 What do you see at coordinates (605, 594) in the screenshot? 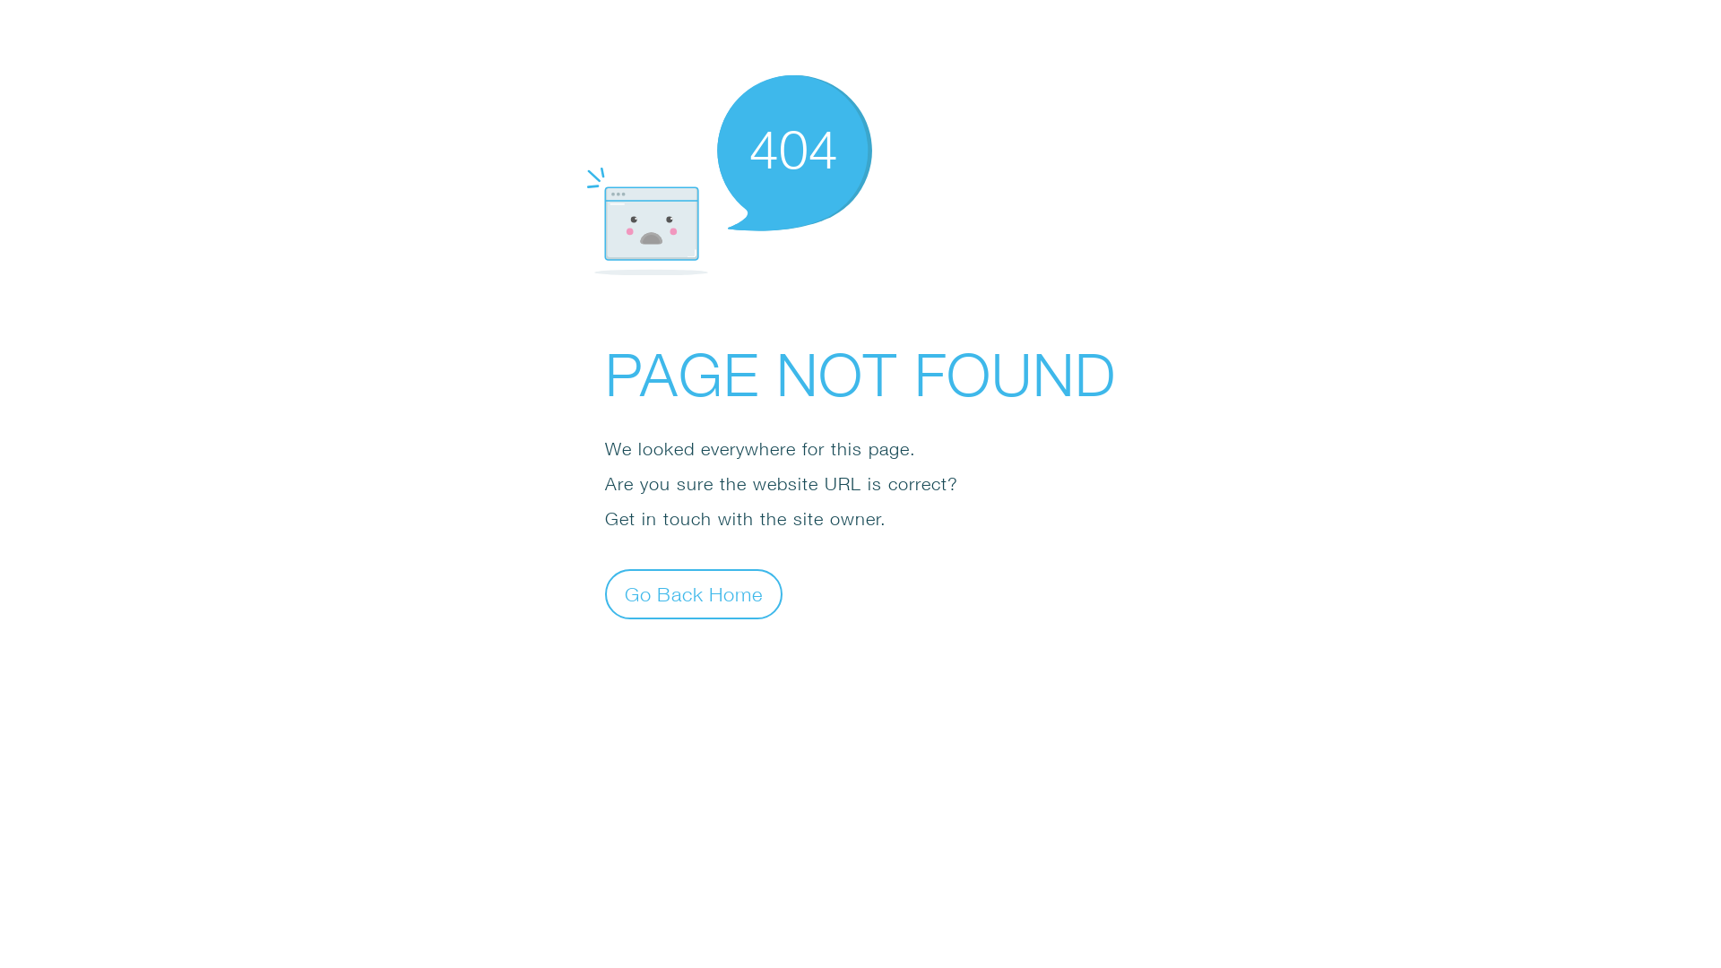
I see `'Go Back Home'` at bounding box center [605, 594].